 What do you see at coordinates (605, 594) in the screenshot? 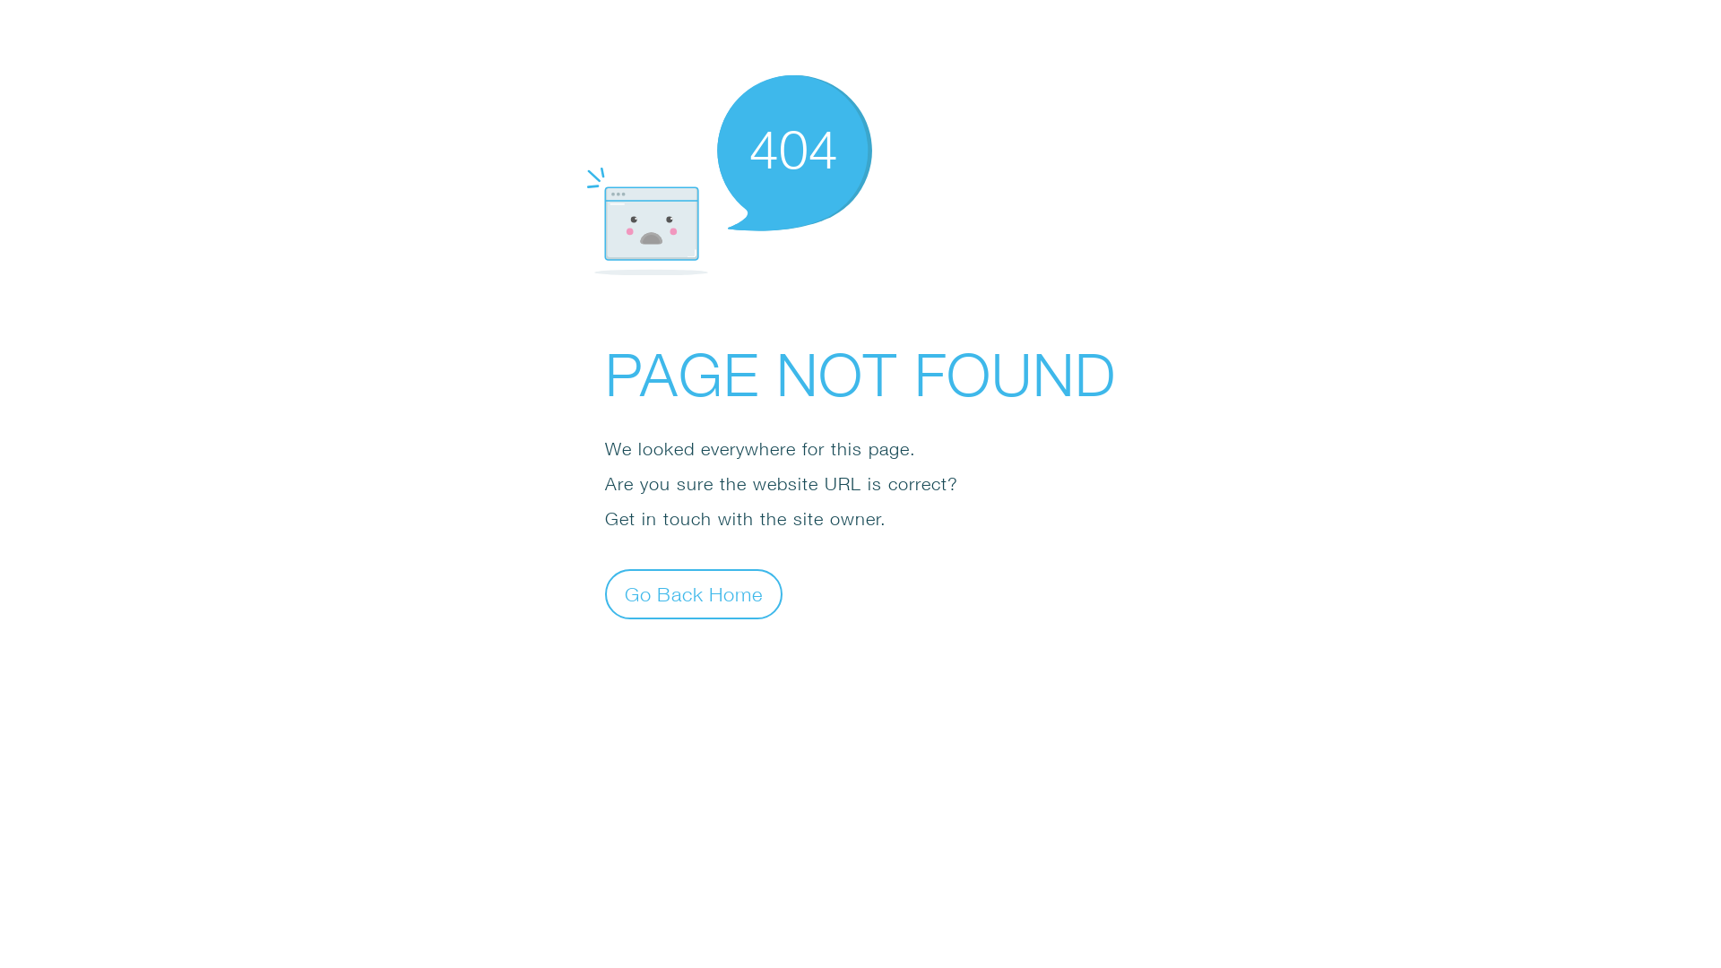
I see `'Go Back Home'` at bounding box center [605, 594].